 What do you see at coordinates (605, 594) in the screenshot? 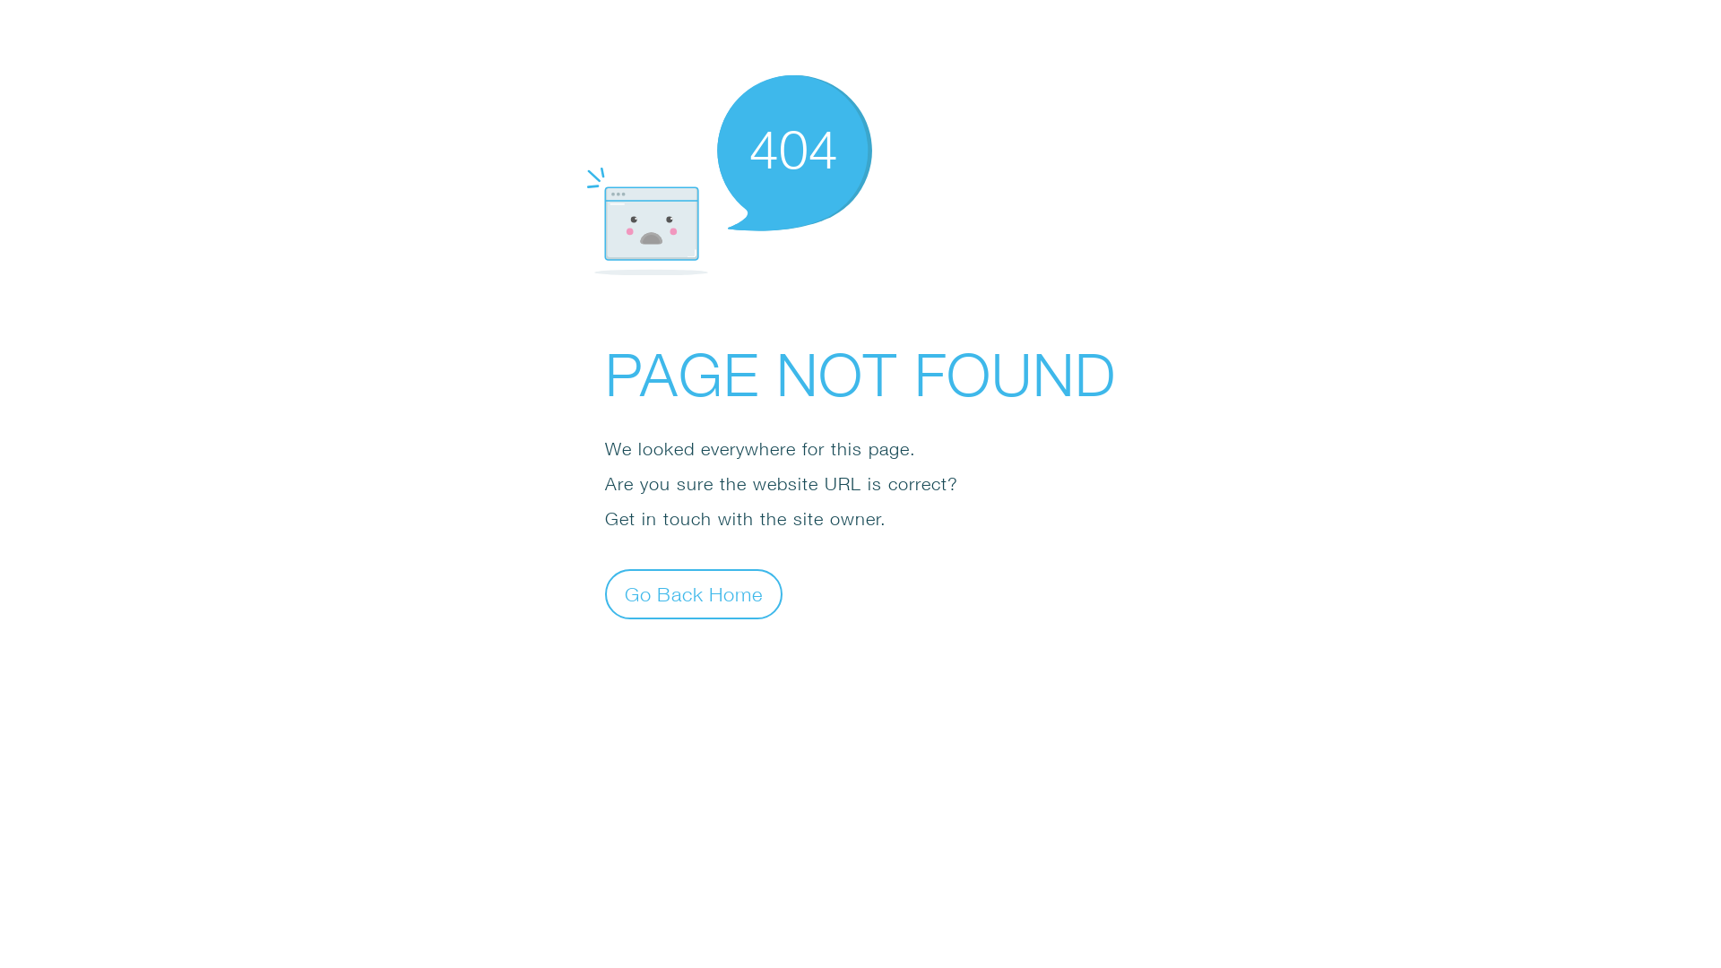
I see `'Go Back Home'` at bounding box center [605, 594].